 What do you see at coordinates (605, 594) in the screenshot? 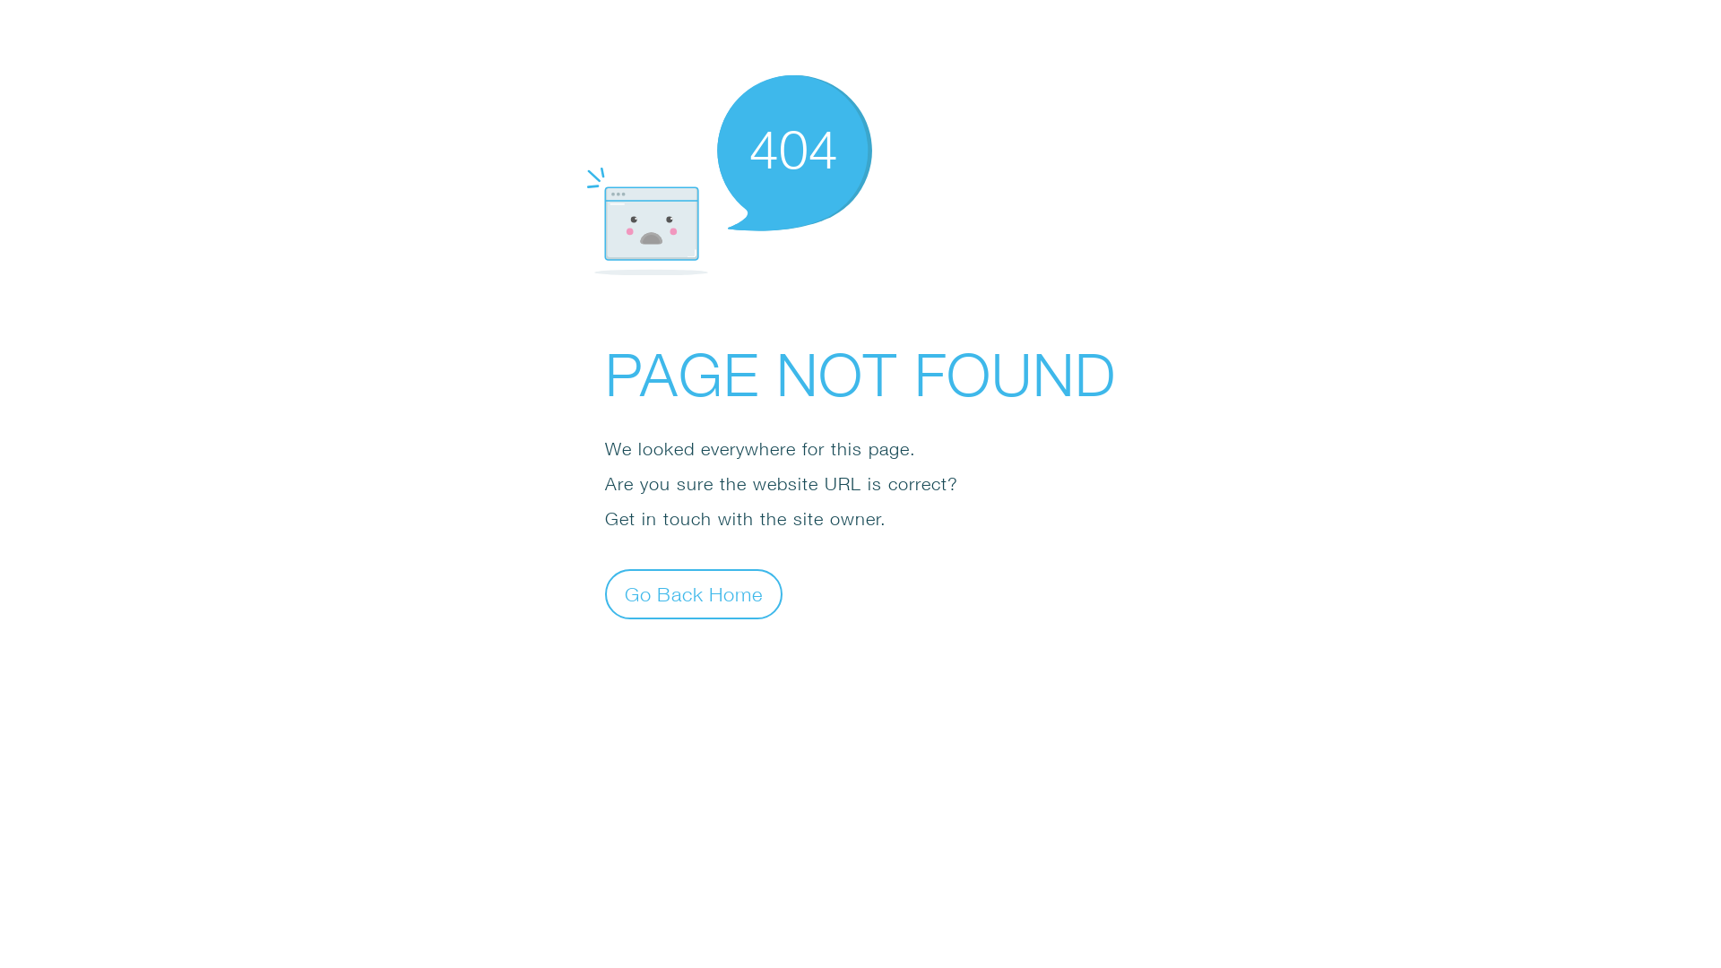
I see `'Go Back Home'` at bounding box center [605, 594].